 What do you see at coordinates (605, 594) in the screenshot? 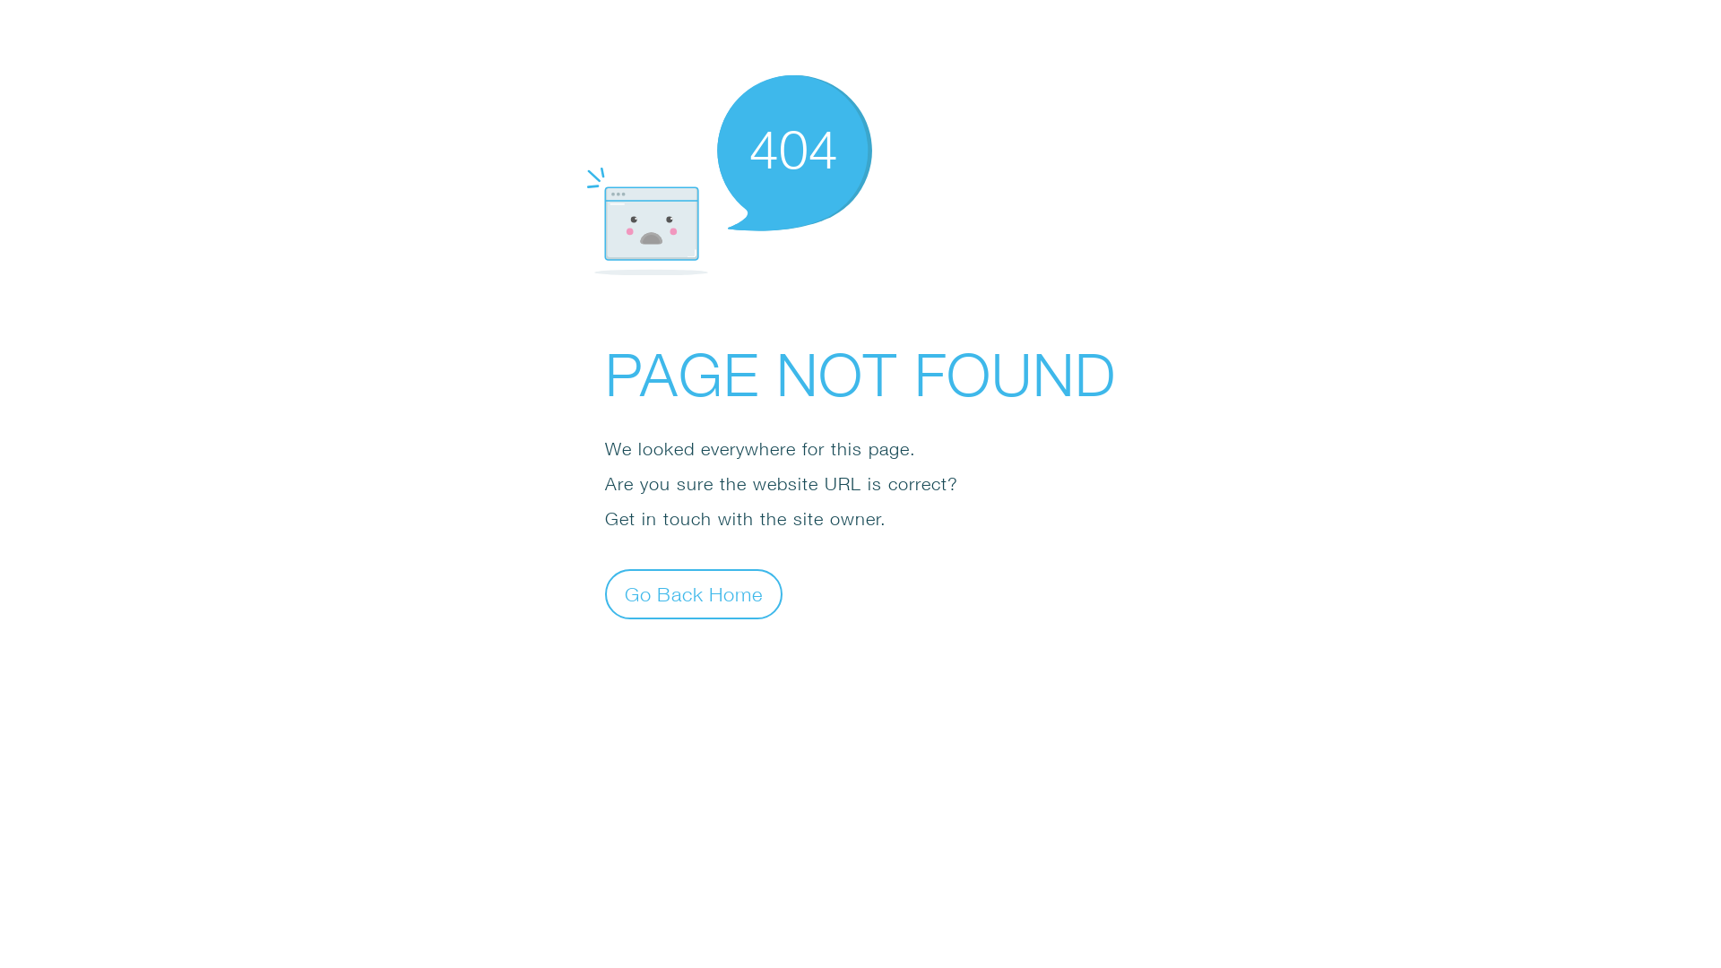
I see `'Go Back Home'` at bounding box center [605, 594].